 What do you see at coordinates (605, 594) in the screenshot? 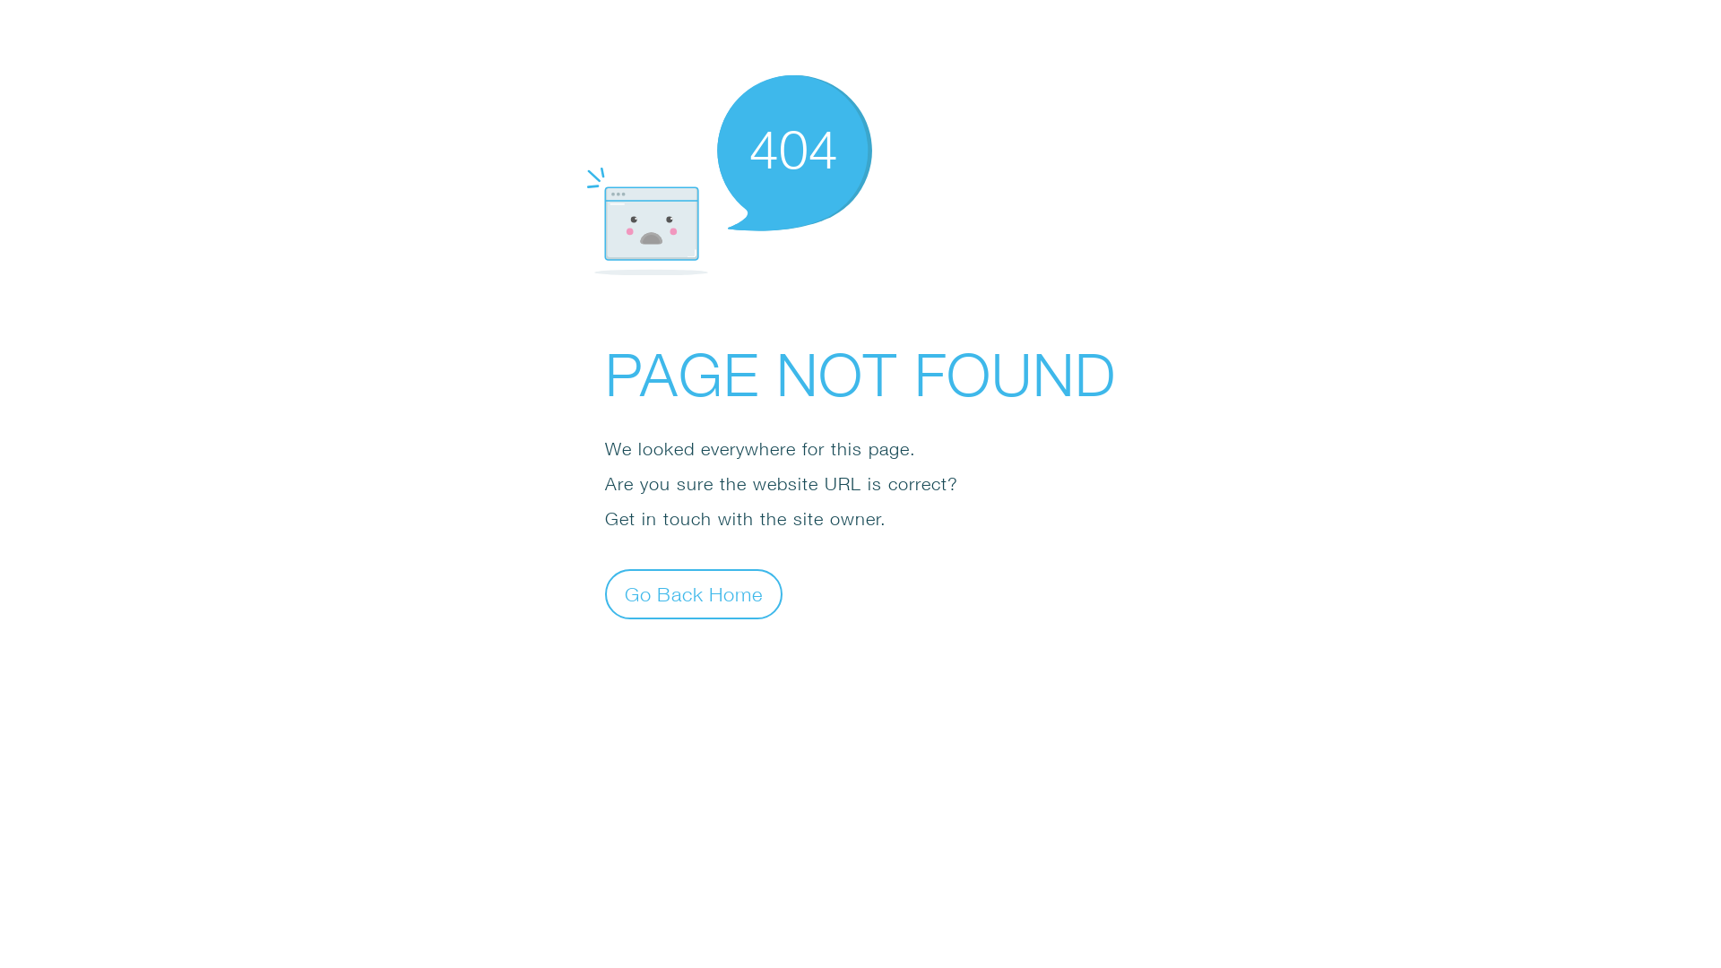
I see `'Go Back Home'` at bounding box center [605, 594].